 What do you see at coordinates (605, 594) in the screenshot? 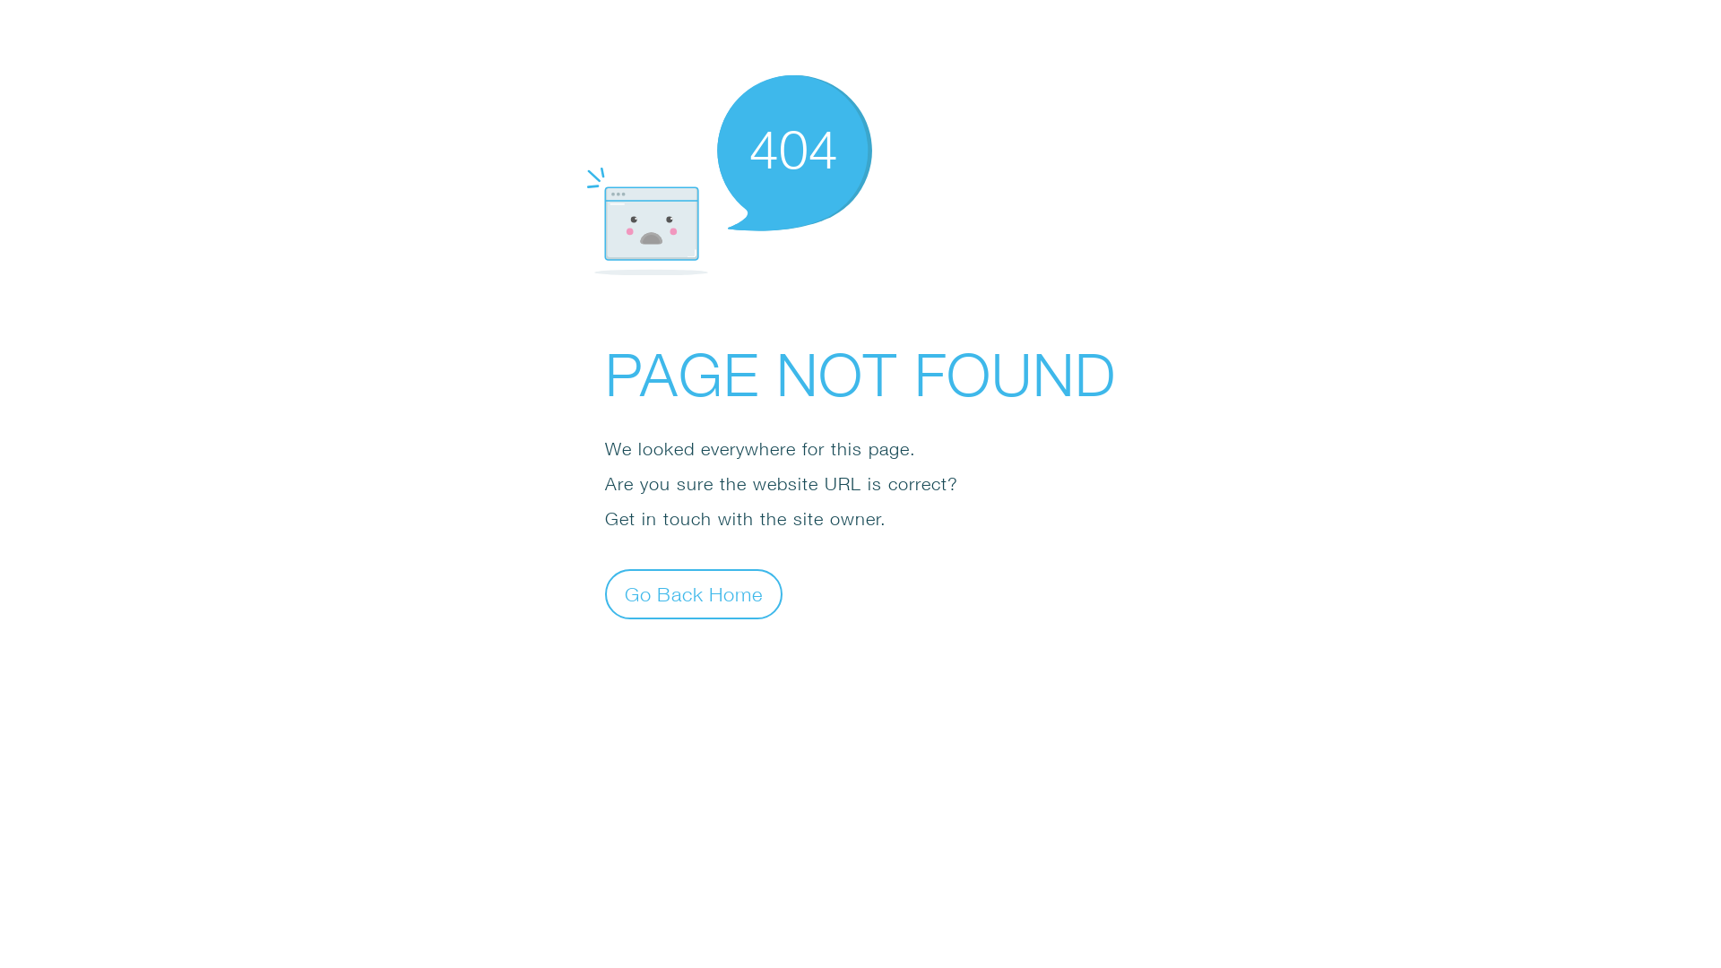
I see `'Go Back Home'` at bounding box center [605, 594].